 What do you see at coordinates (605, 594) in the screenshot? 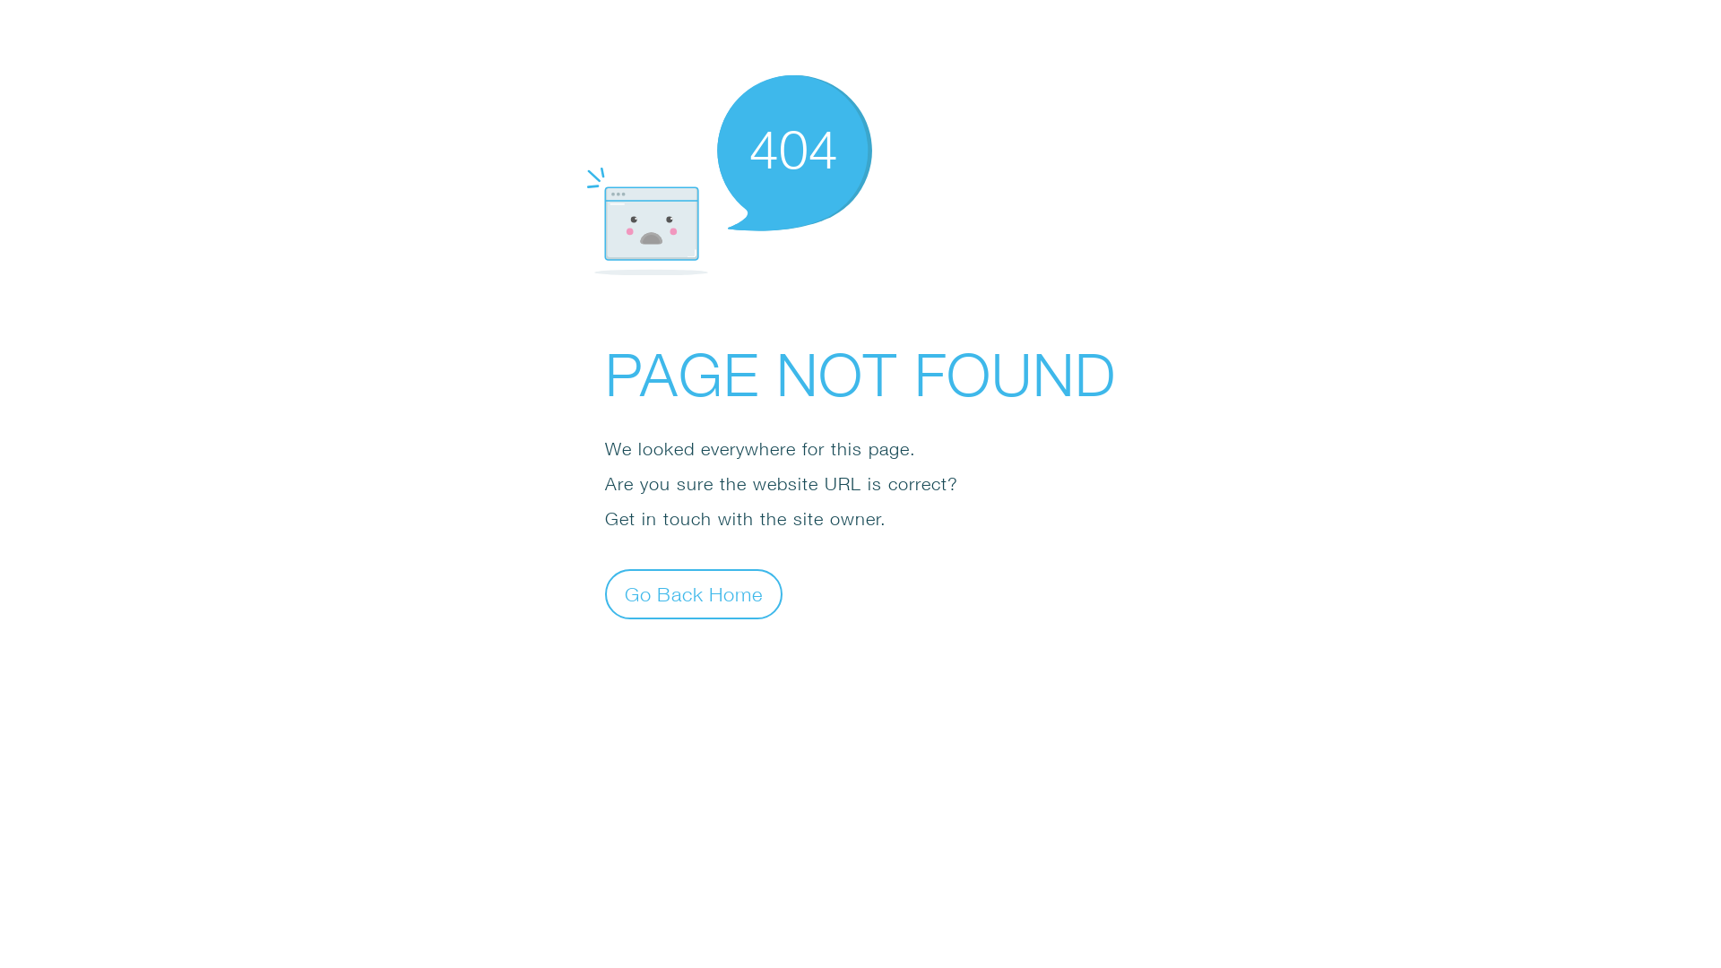
I see `'Go Back Home'` at bounding box center [605, 594].